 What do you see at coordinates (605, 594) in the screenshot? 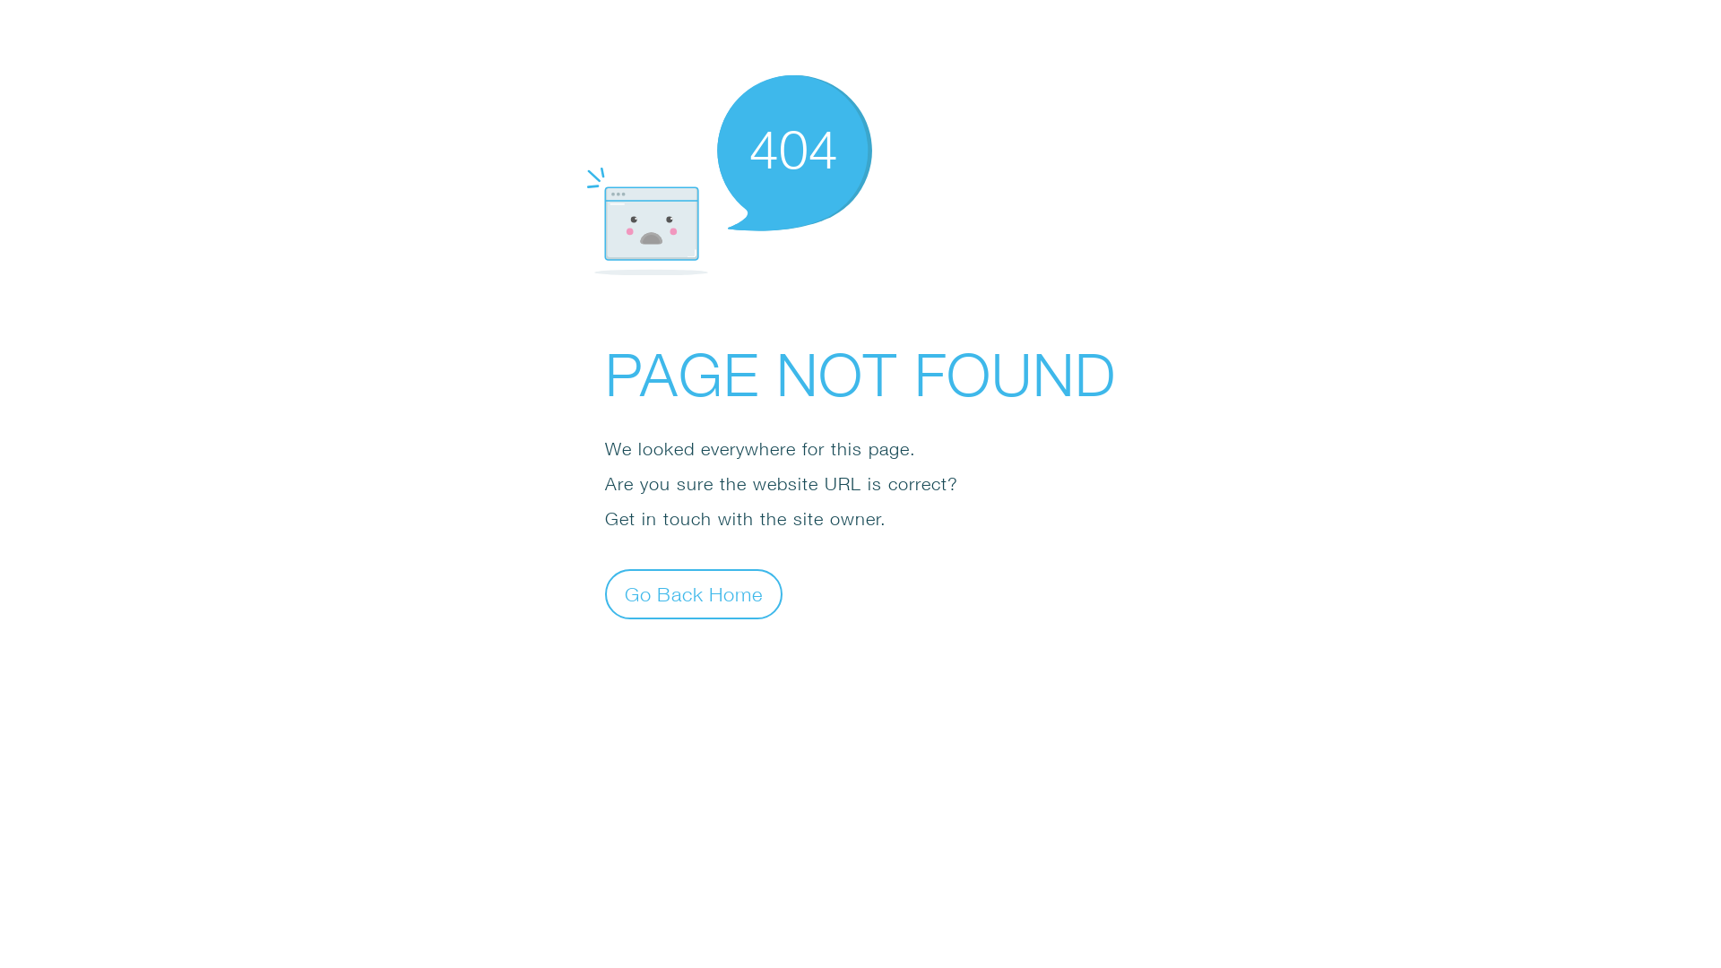
I see `'Go Back Home'` at bounding box center [605, 594].